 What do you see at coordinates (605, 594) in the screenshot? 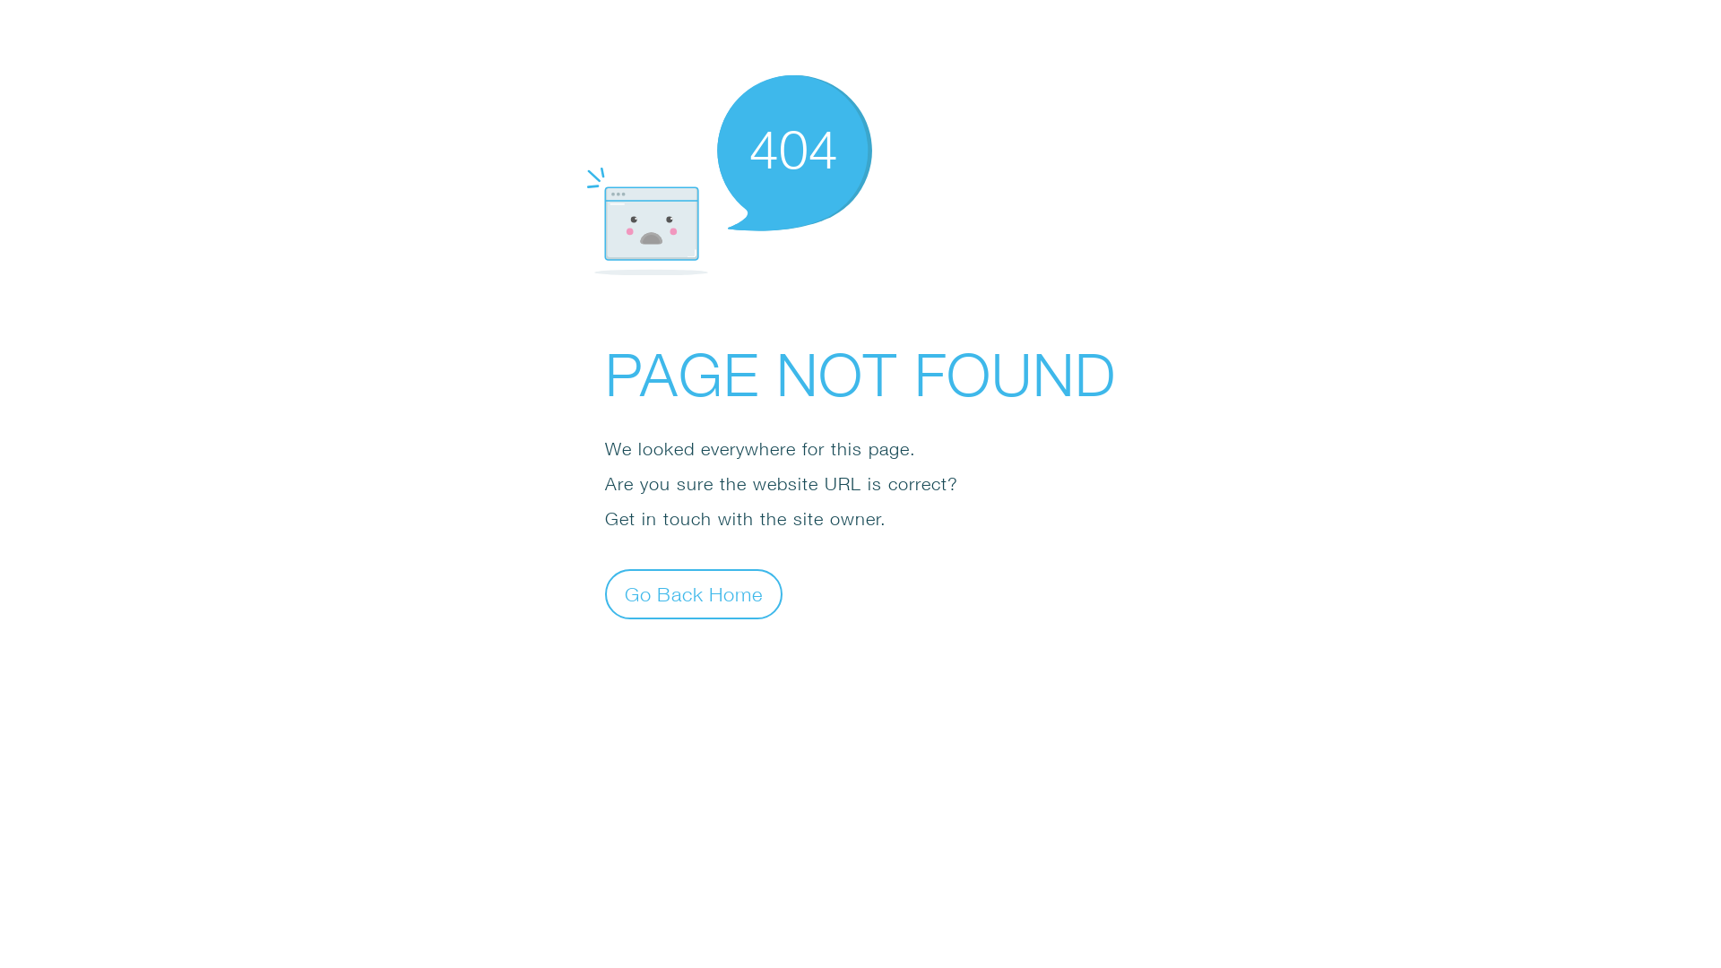
I see `'Go Back Home'` at bounding box center [605, 594].